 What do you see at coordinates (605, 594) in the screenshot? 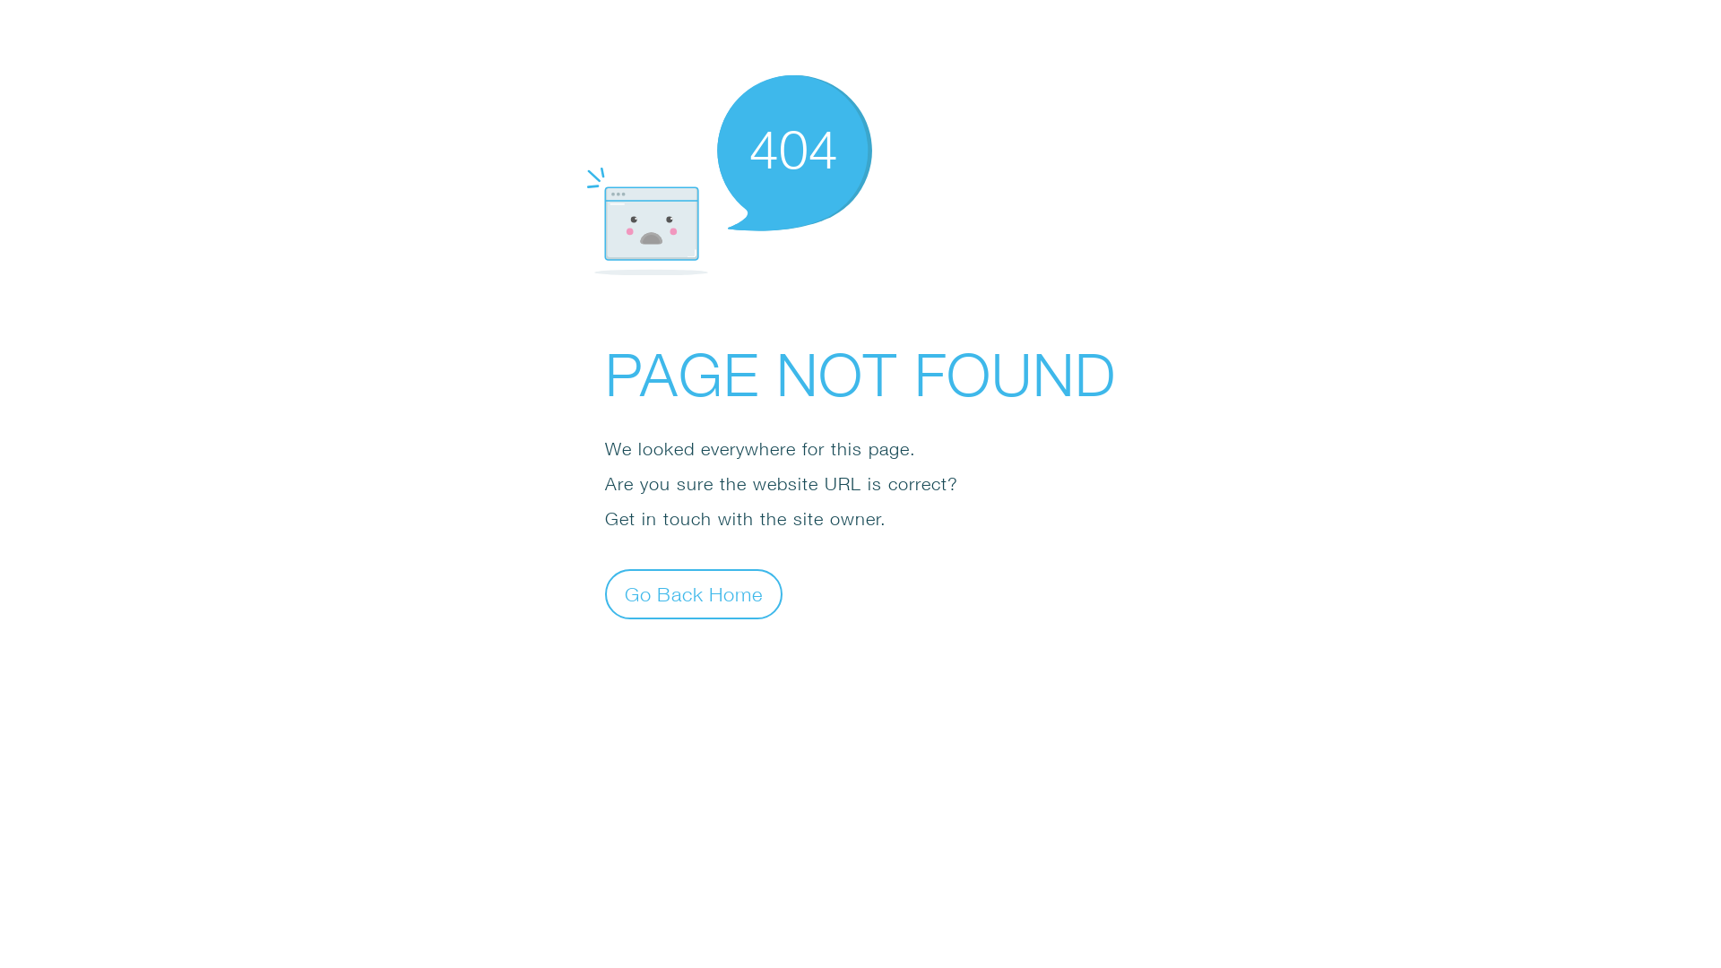
I see `'Go Back Home'` at bounding box center [605, 594].